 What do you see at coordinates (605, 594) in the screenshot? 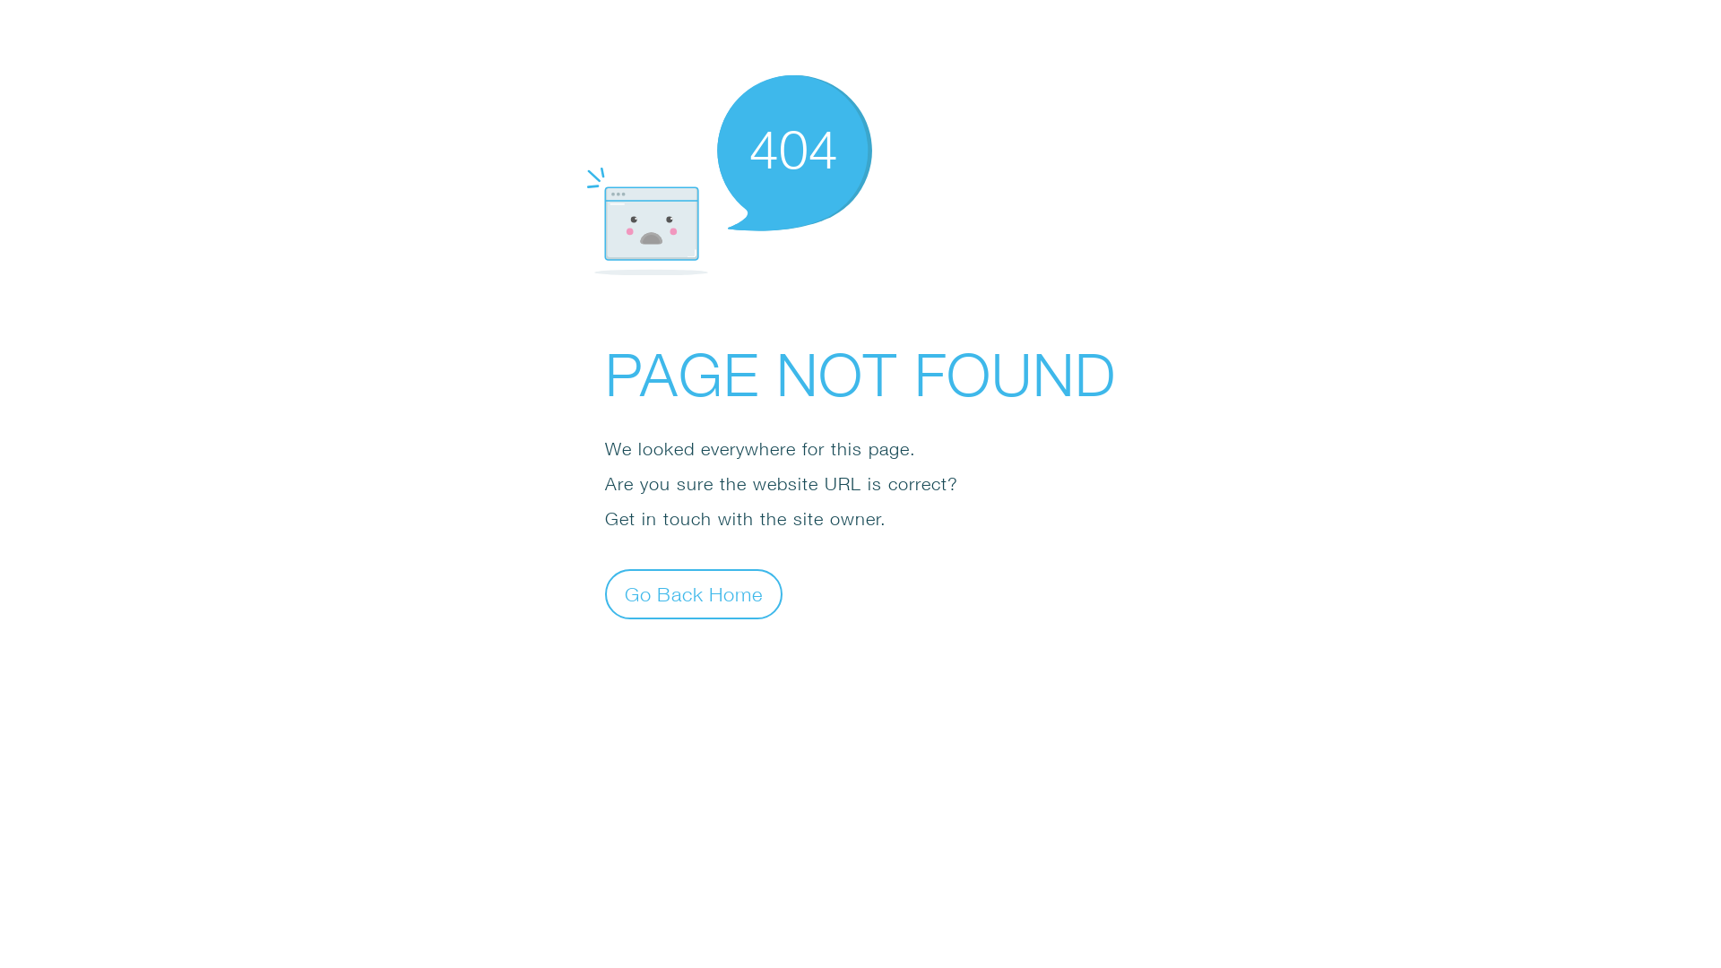
I see `'Go Back Home'` at bounding box center [605, 594].